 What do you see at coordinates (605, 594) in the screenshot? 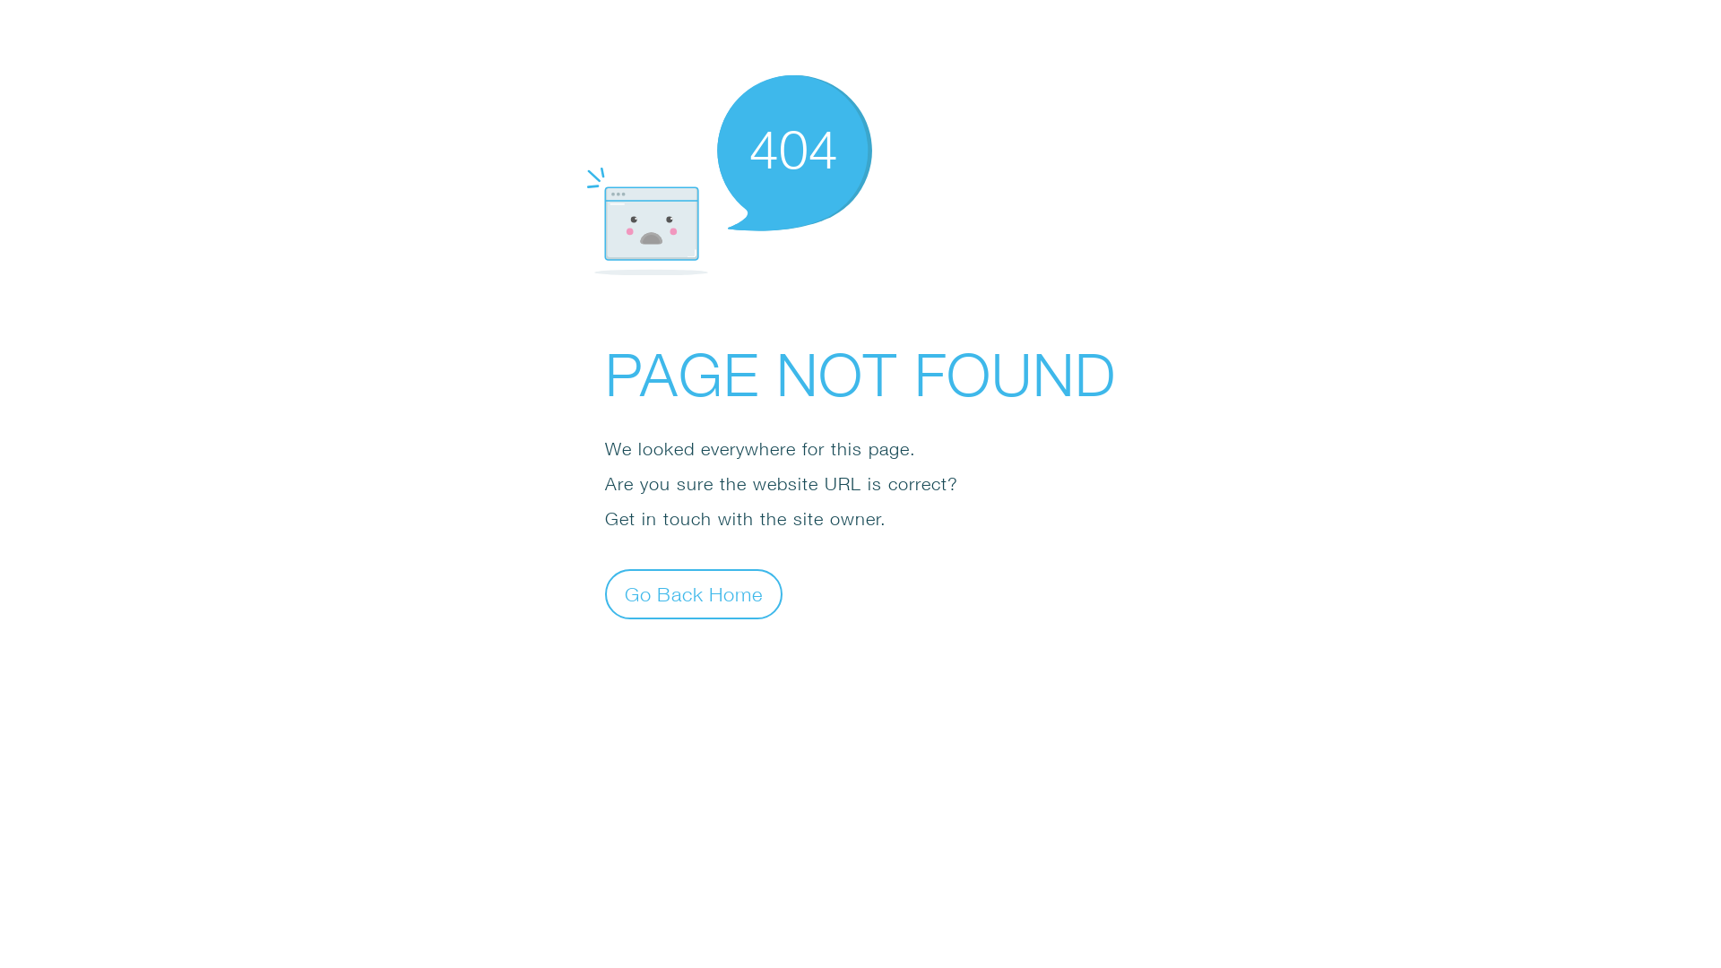
I see `'Go Back Home'` at bounding box center [605, 594].